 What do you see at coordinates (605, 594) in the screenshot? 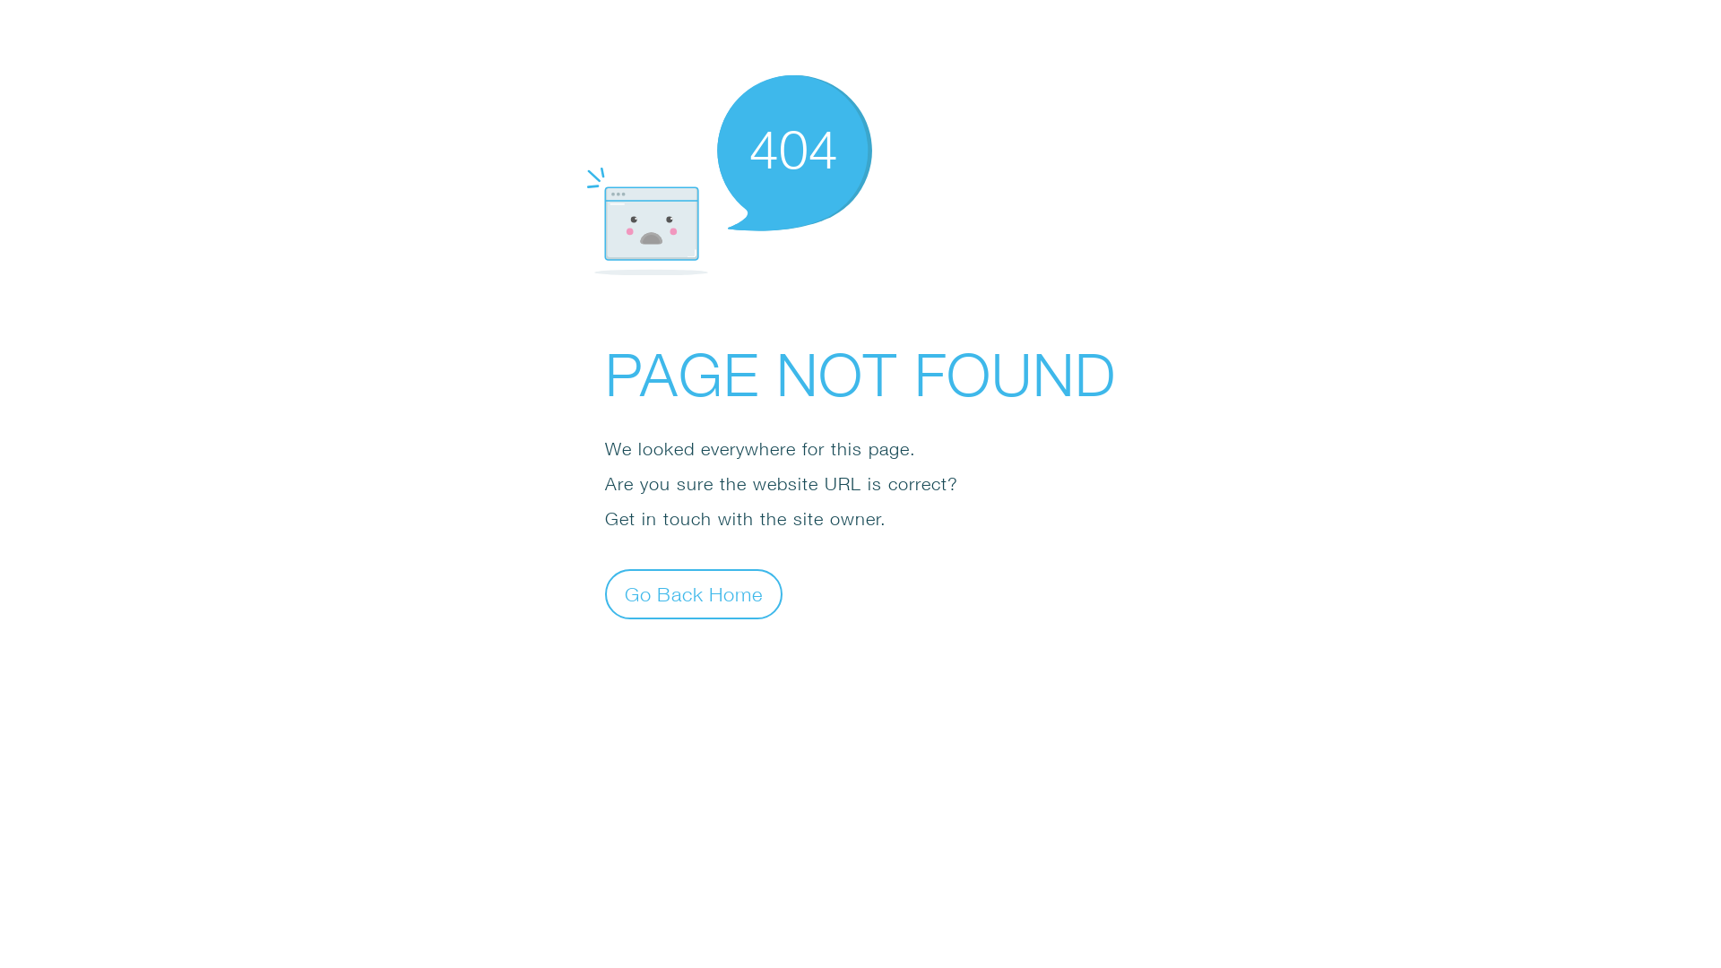
I see `'Go Back Home'` at bounding box center [605, 594].